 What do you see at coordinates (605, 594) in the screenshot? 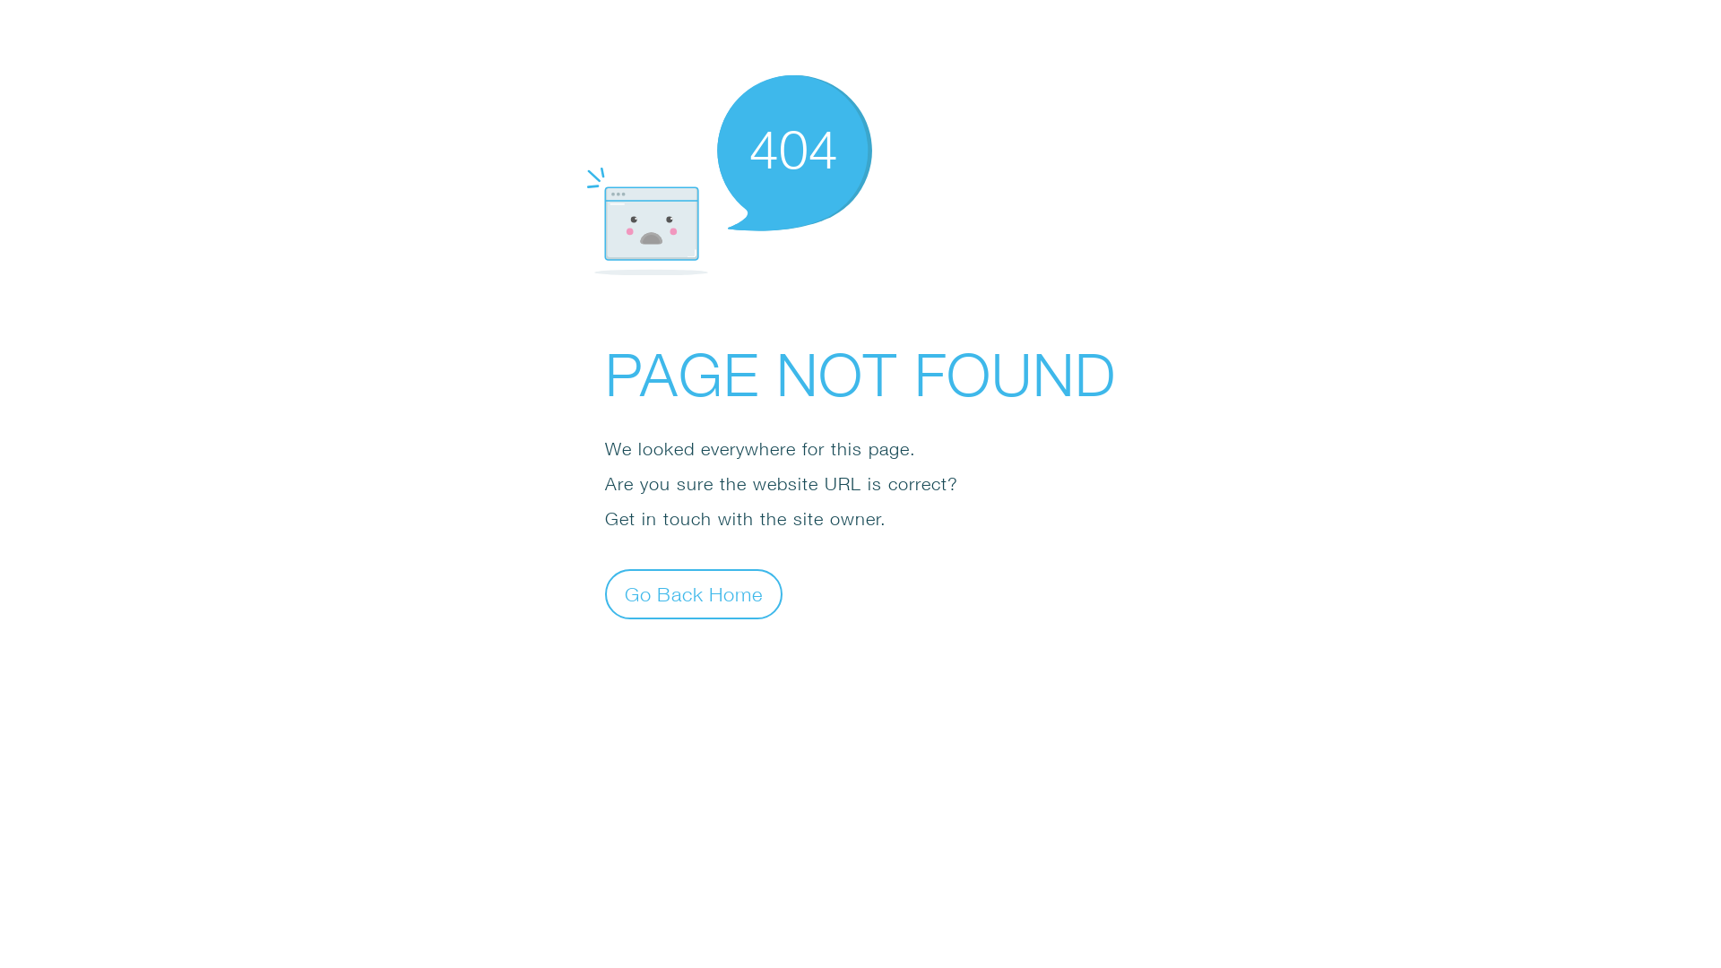
I see `'Go Back Home'` at bounding box center [605, 594].